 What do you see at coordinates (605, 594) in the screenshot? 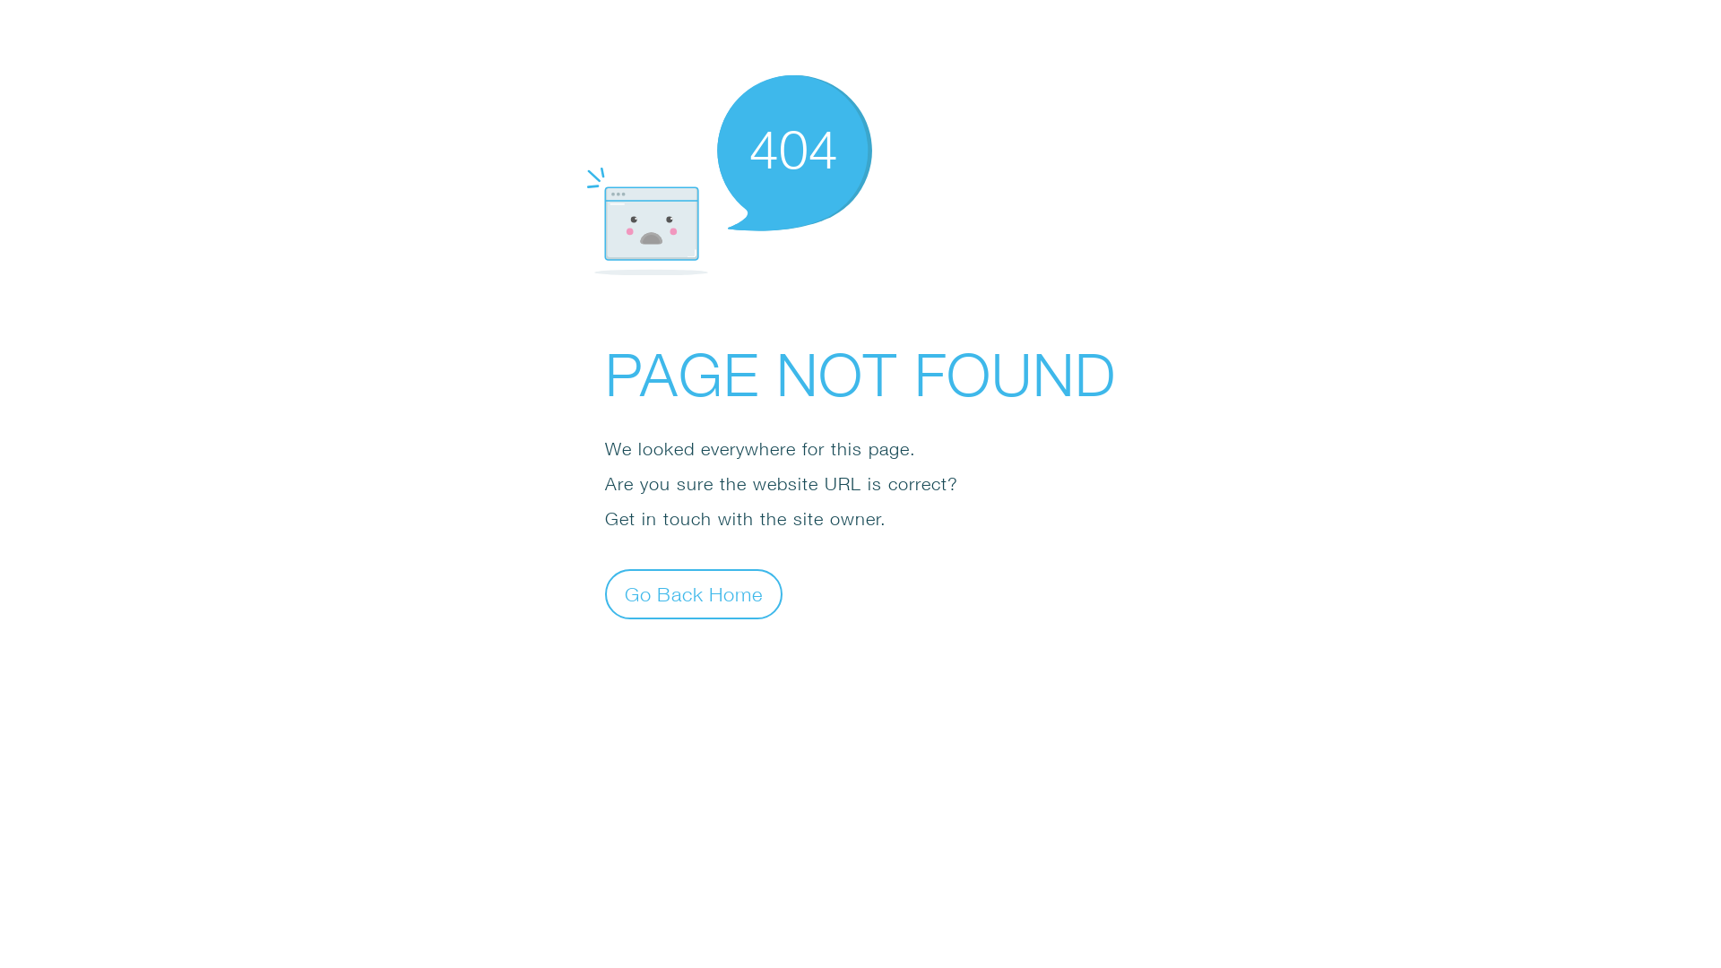
I see `'Go Back Home'` at bounding box center [605, 594].